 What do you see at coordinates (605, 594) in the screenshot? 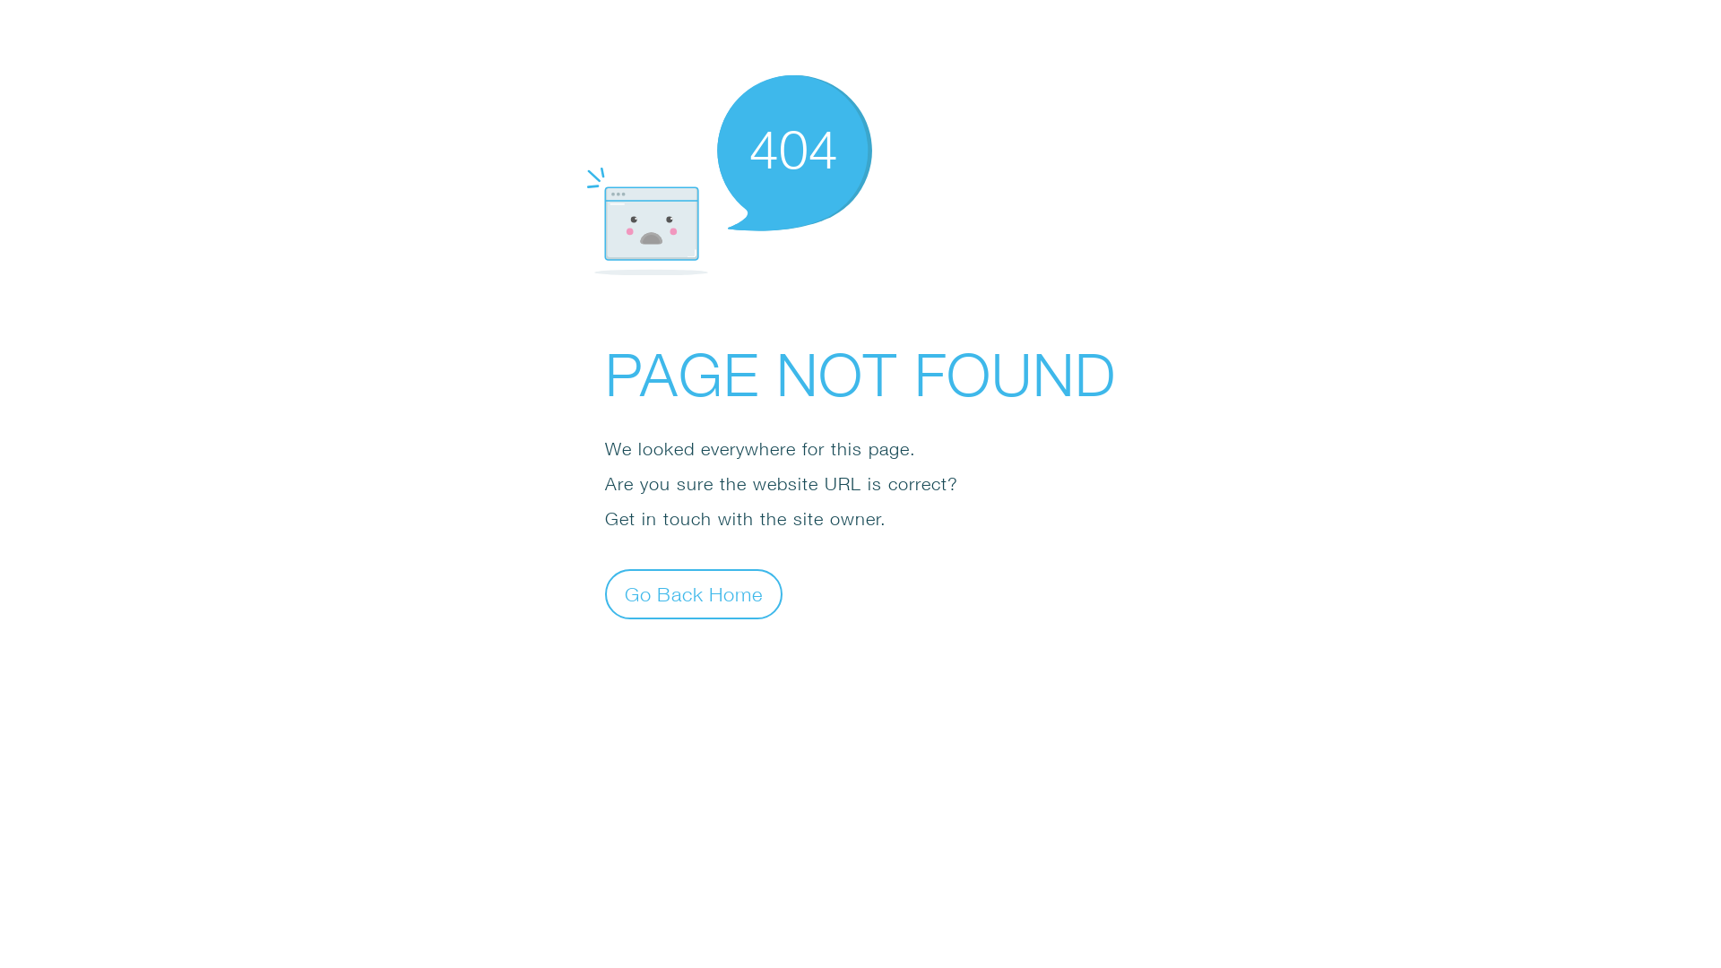
I see `'Go Back Home'` at bounding box center [605, 594].